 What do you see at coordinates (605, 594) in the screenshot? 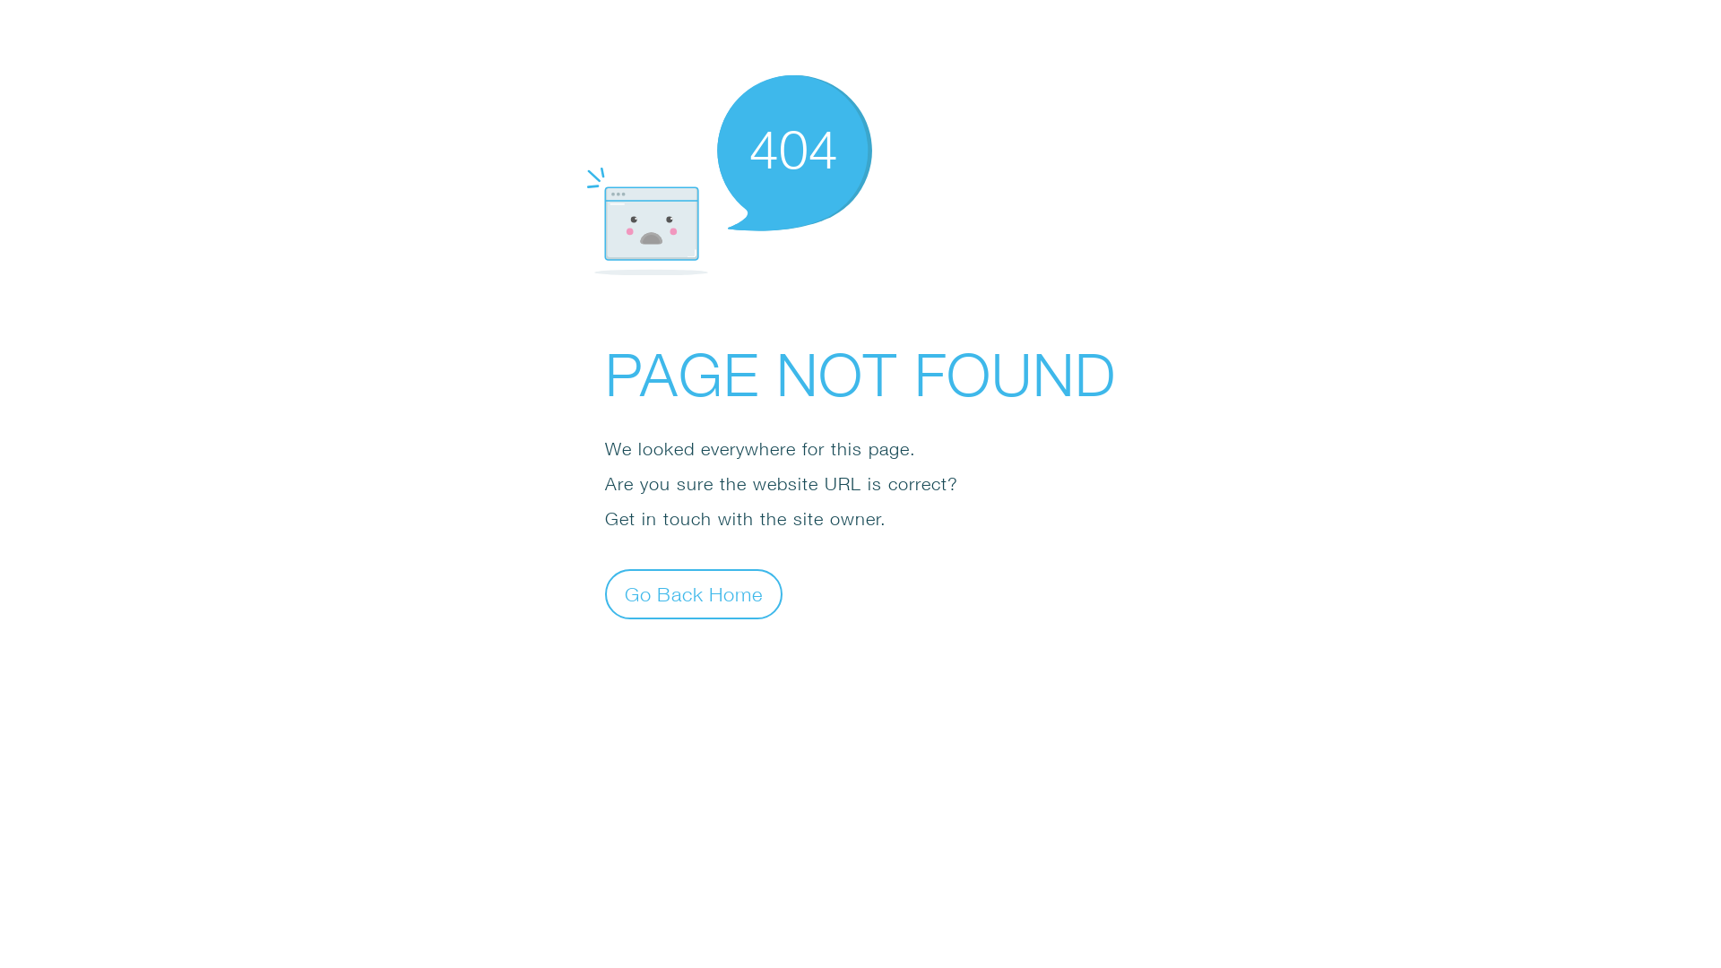
I see `'Go Back Home'` at bounding box center [605, 594].